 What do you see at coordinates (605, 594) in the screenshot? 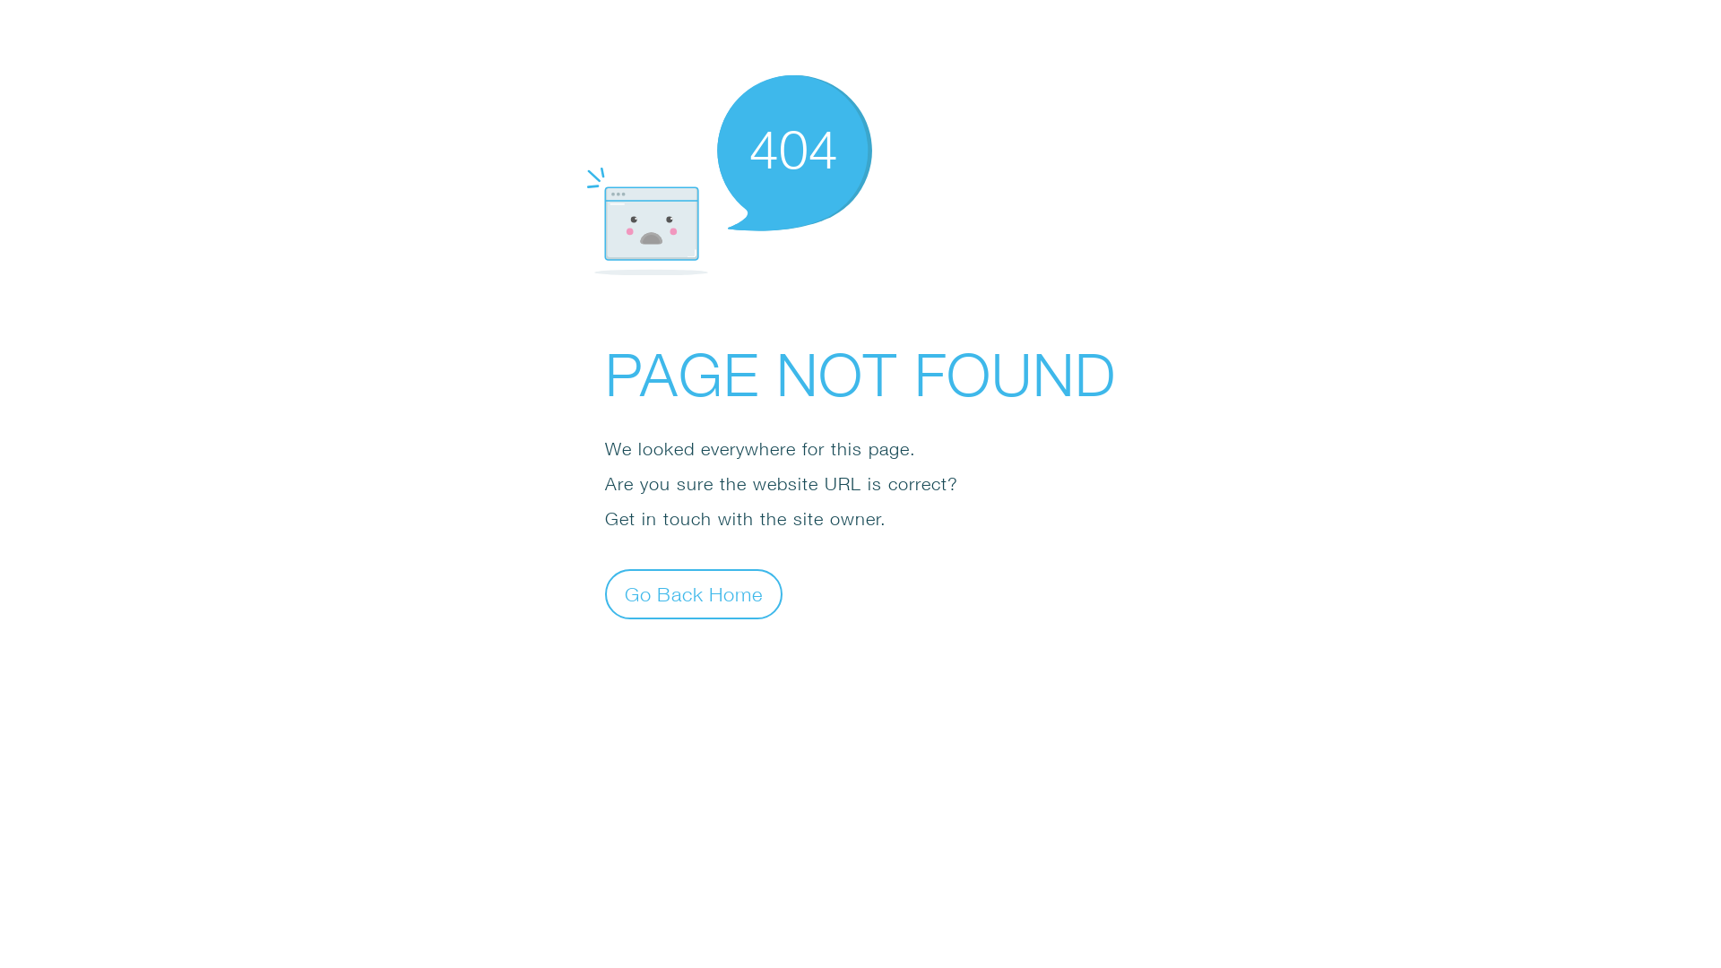
I see `'Go Back Home'` at bounding box center [605, 594].